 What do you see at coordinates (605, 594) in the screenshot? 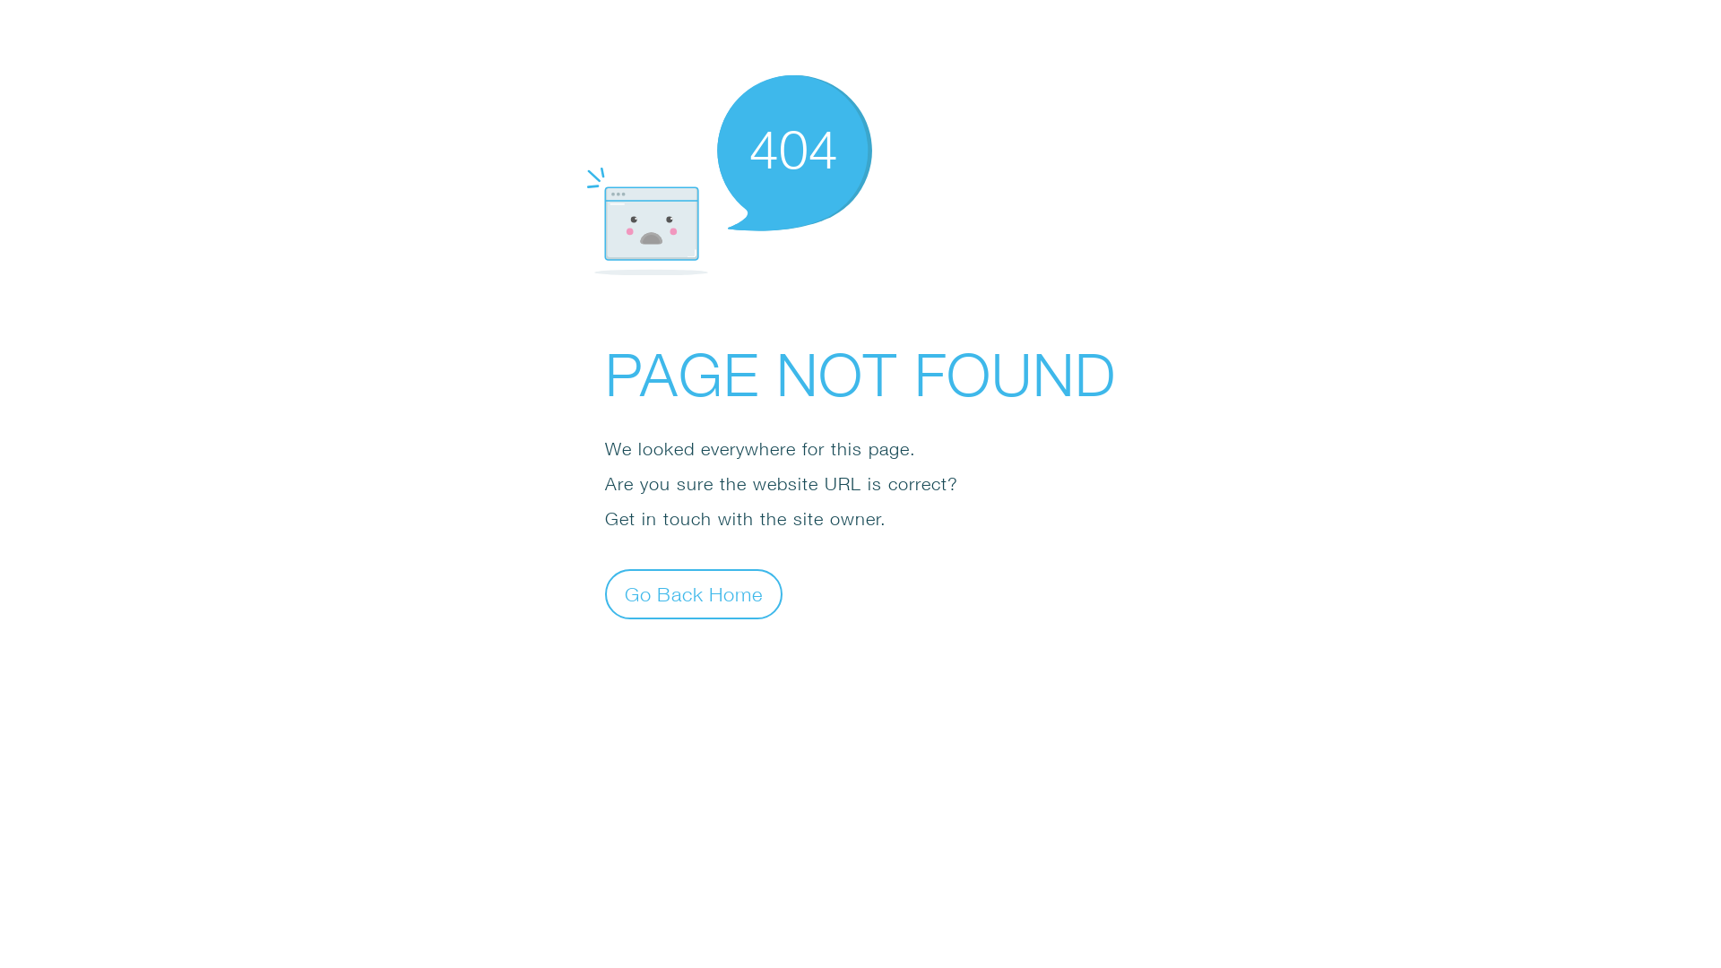
I see `'Go Back Home'` at bounding box center [605, 594].